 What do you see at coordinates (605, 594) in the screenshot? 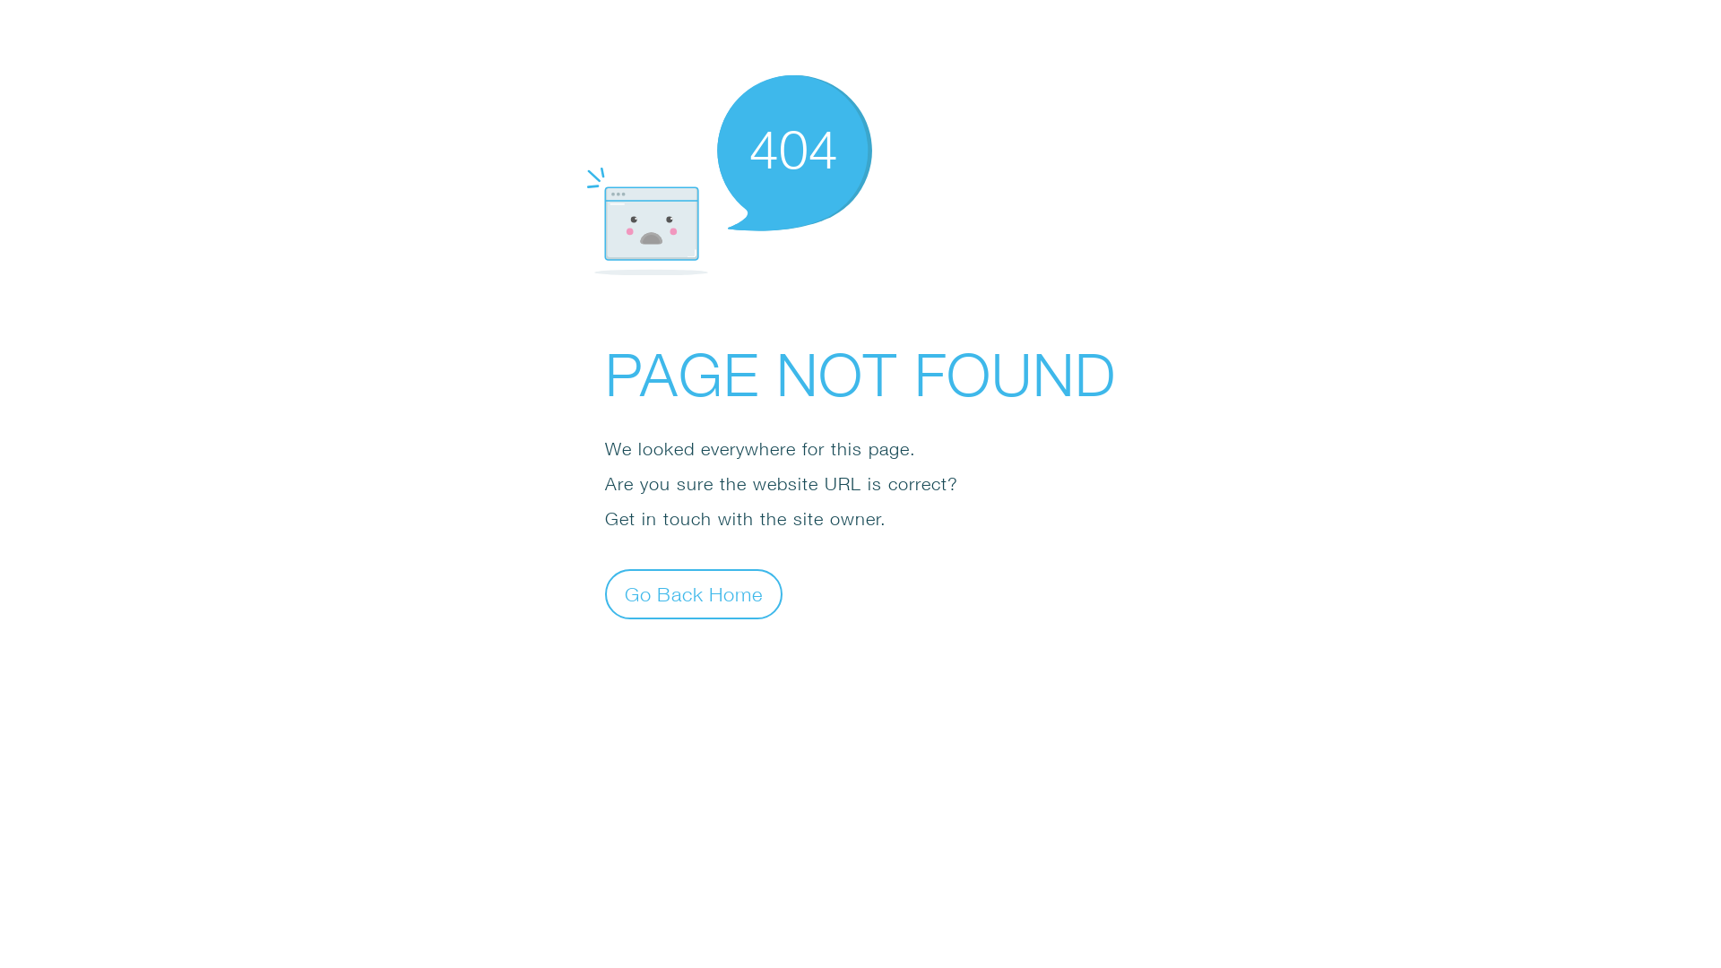
I see `'Go Back Home'` at bounding box center [605, 594].